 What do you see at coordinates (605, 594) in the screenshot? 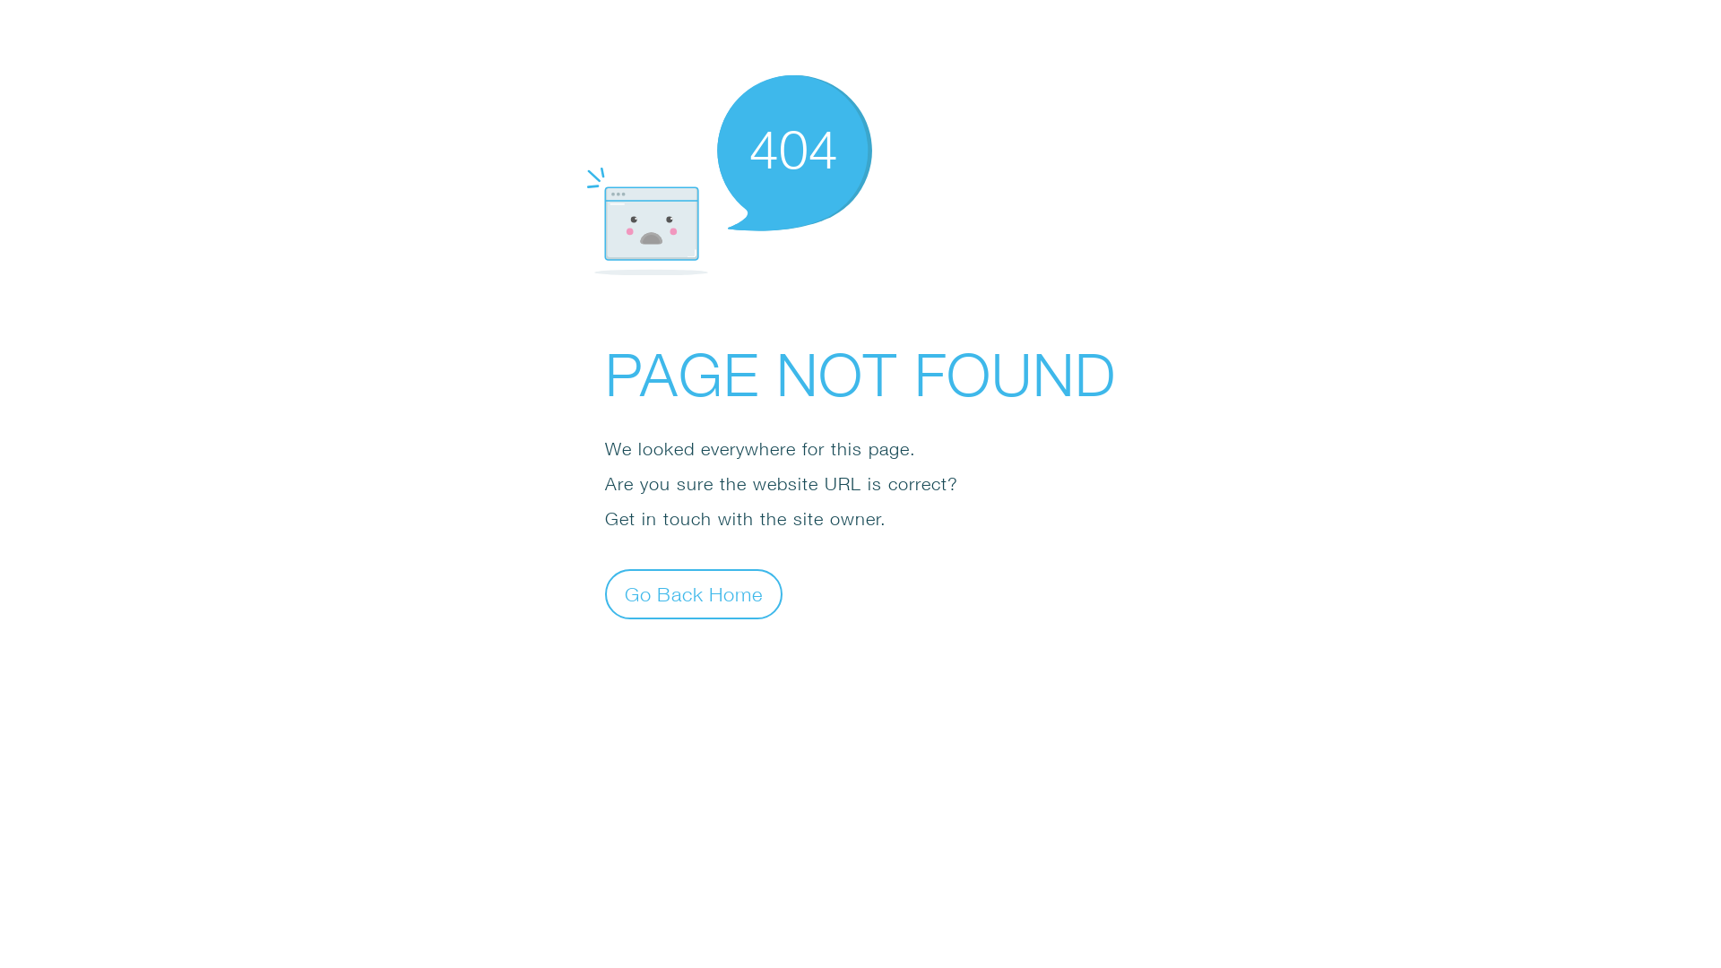
I see `'Go Back Home'` at bounding box center [605, 594].